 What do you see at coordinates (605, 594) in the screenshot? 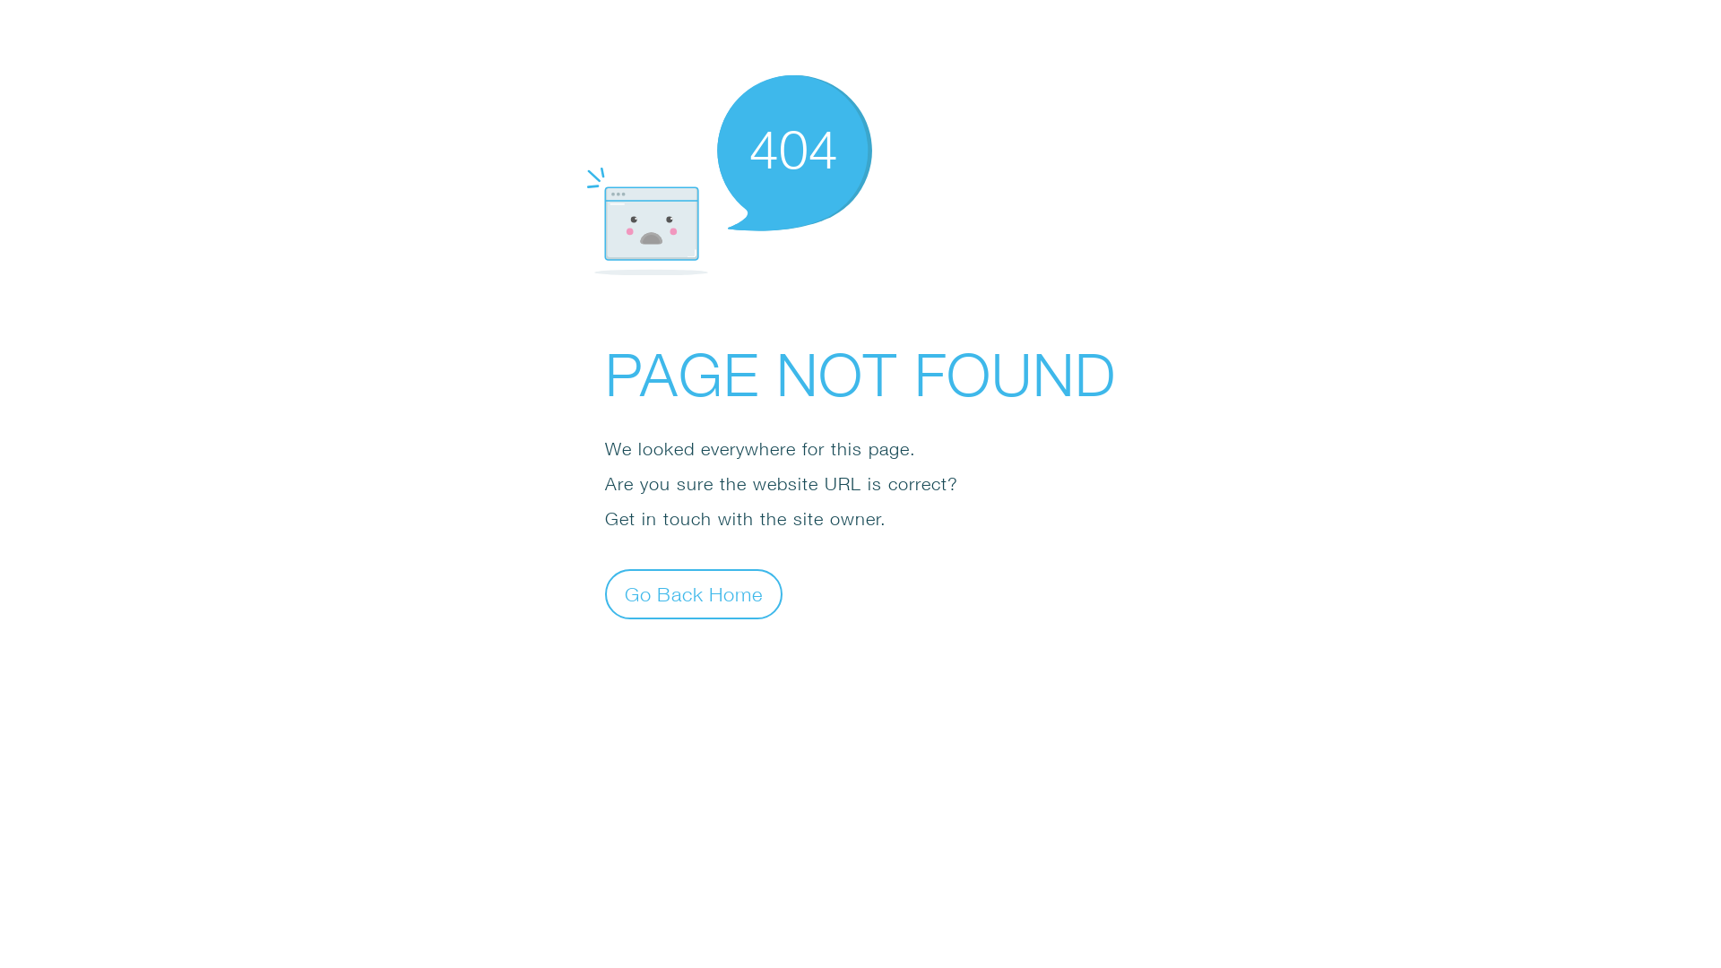
I see `'Go Back Home'` at bounding box center [605, 594].